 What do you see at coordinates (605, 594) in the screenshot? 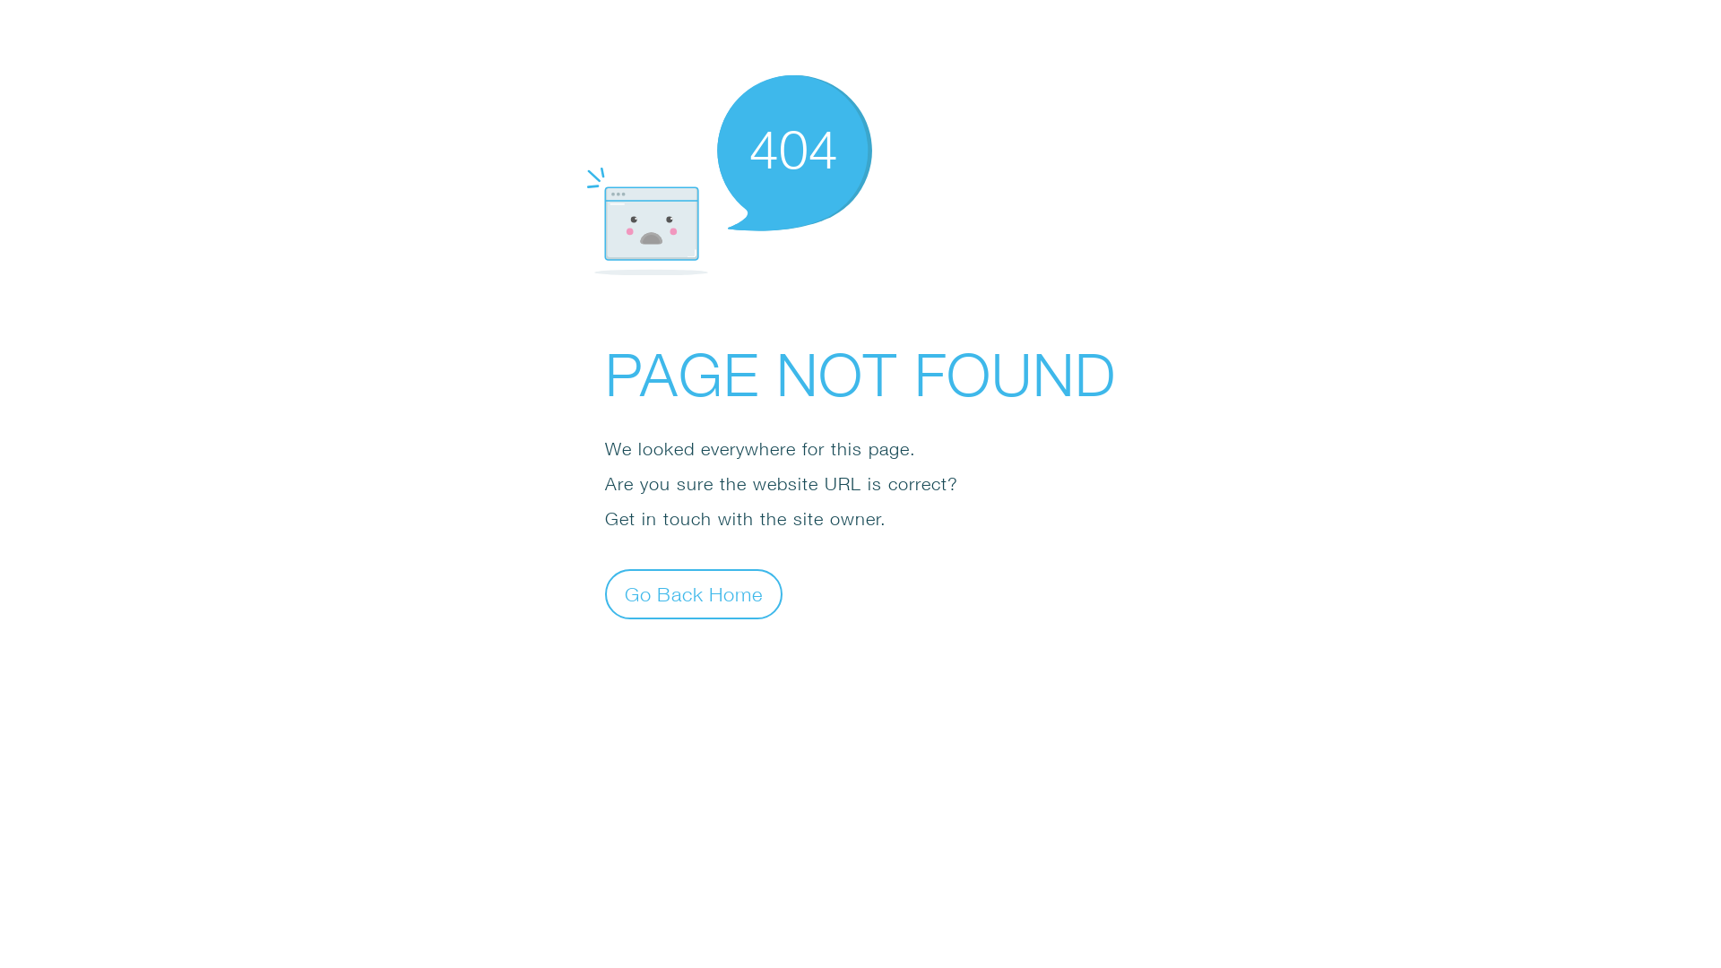
I see `'Go Back Home'` at bounding box center [605, 594].